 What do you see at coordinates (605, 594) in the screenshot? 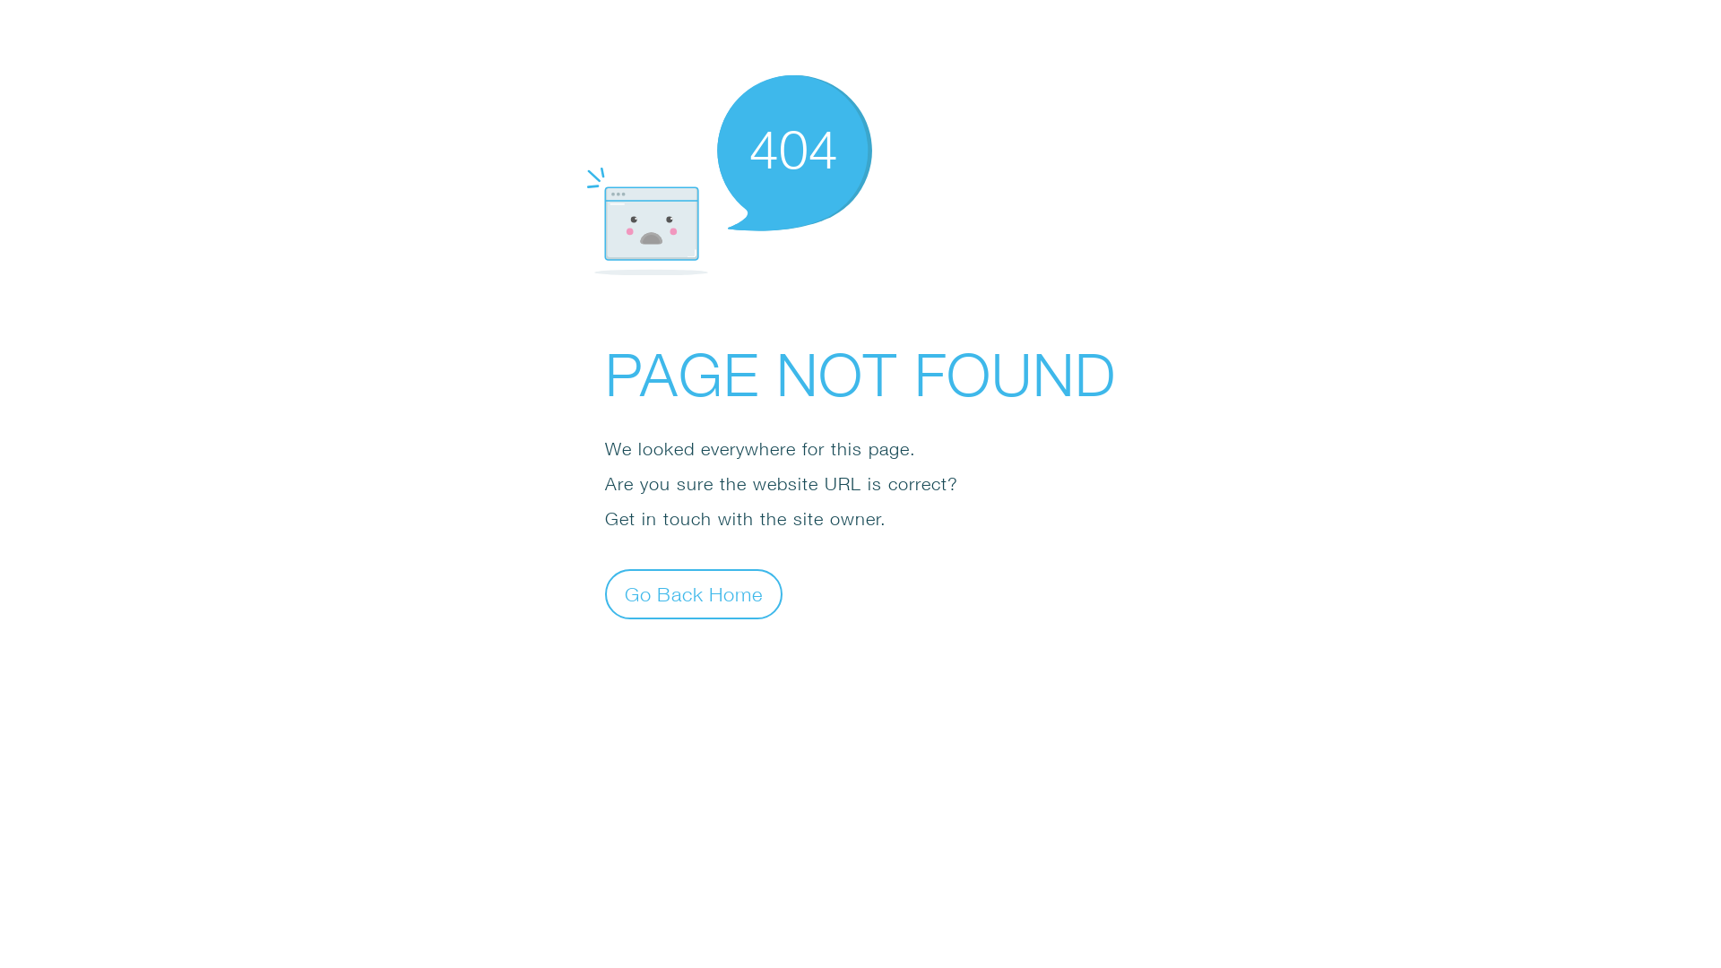
I see `'Go Back Home'` at bounding box center [605, 594].